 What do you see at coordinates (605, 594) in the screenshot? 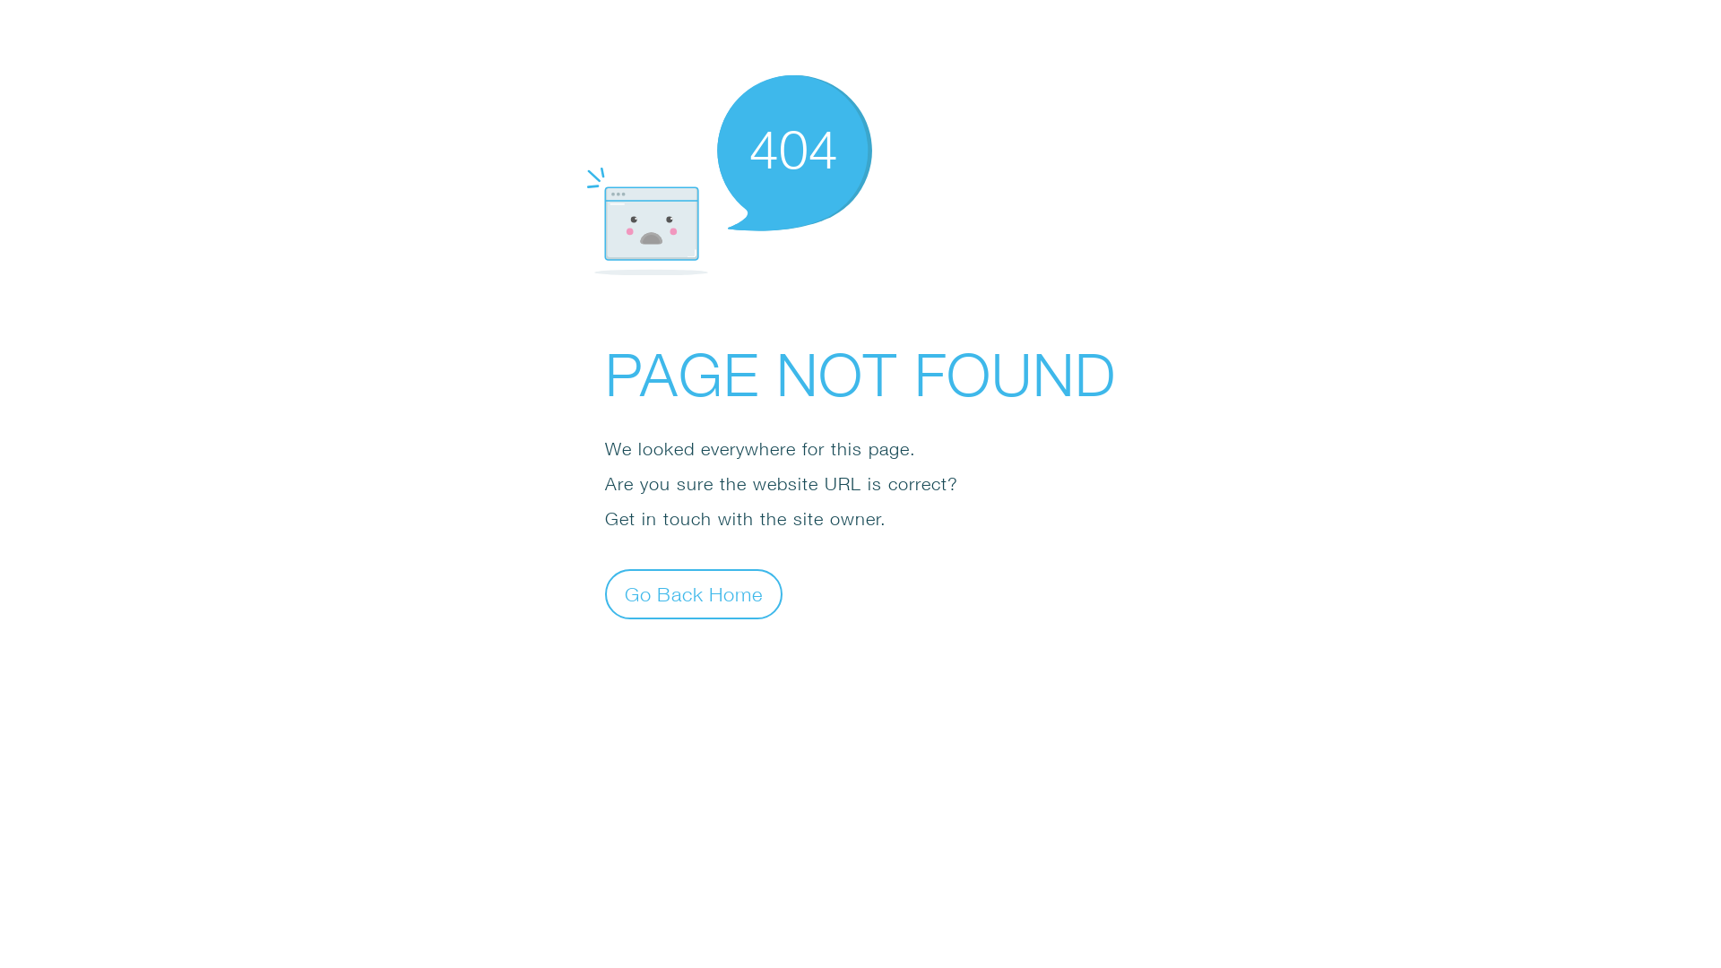
I see `'Go Back Home'` at bounding box center [605, 594].